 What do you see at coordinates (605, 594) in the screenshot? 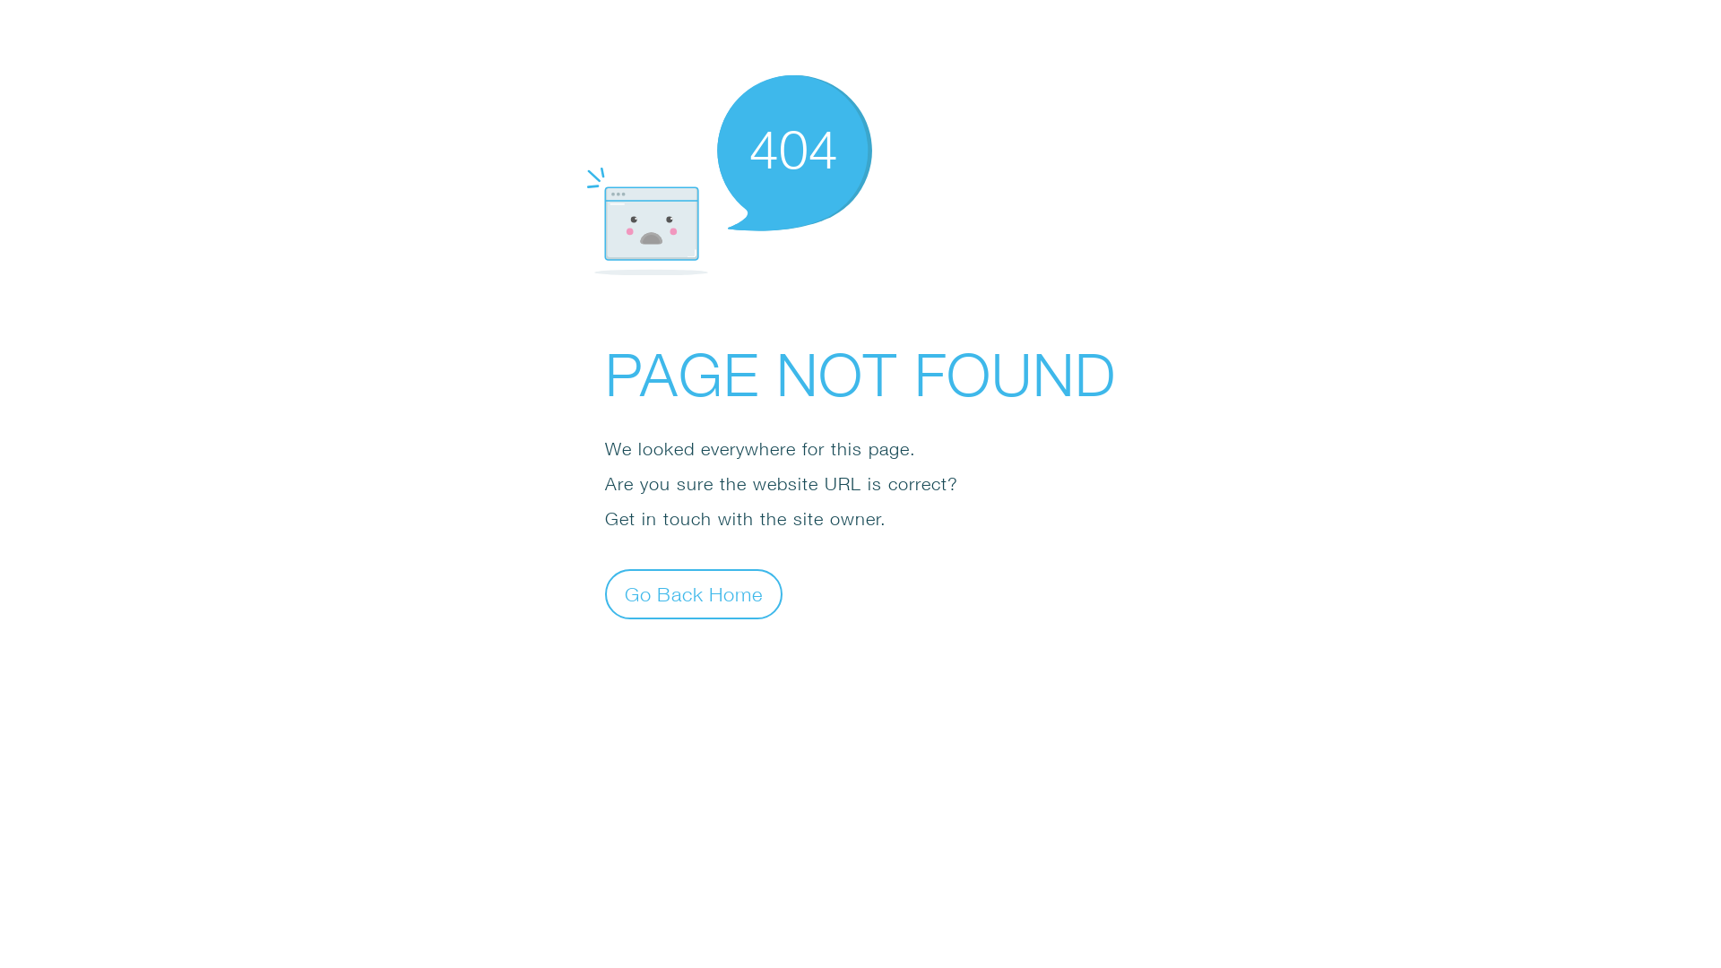
I see `'Go Back Home'` at bounding box center [605, 594].